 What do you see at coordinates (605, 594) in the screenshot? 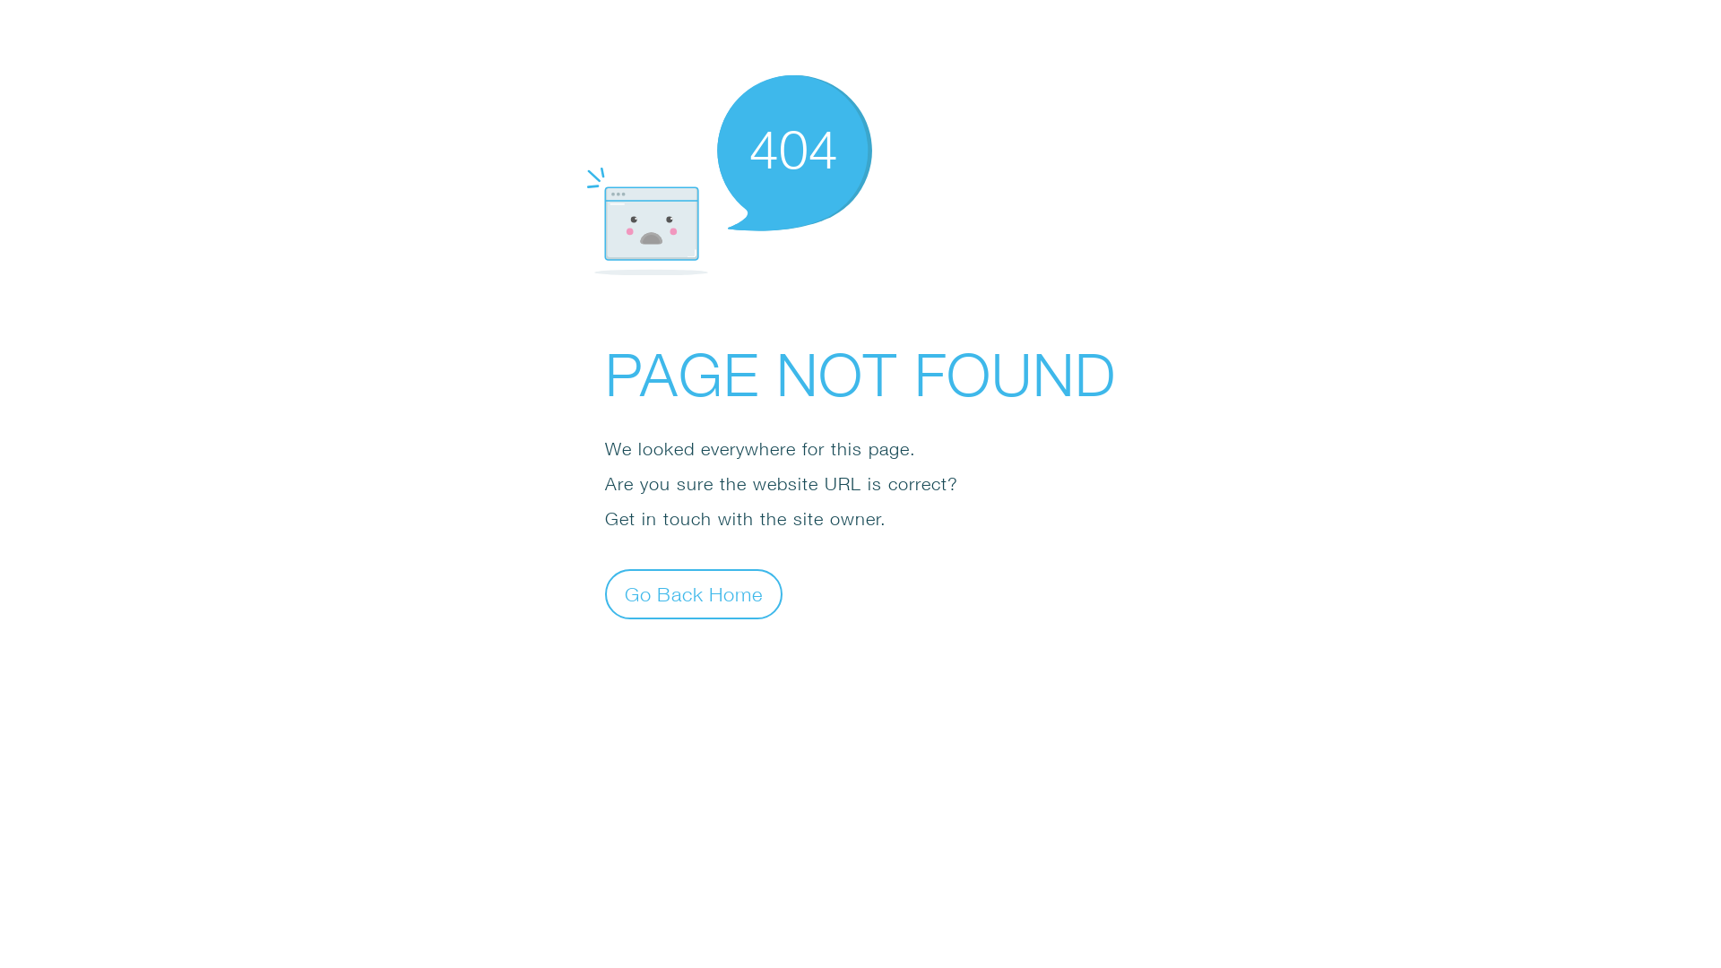
I see `'Go Back Home'` at bounding box center [605, 594].